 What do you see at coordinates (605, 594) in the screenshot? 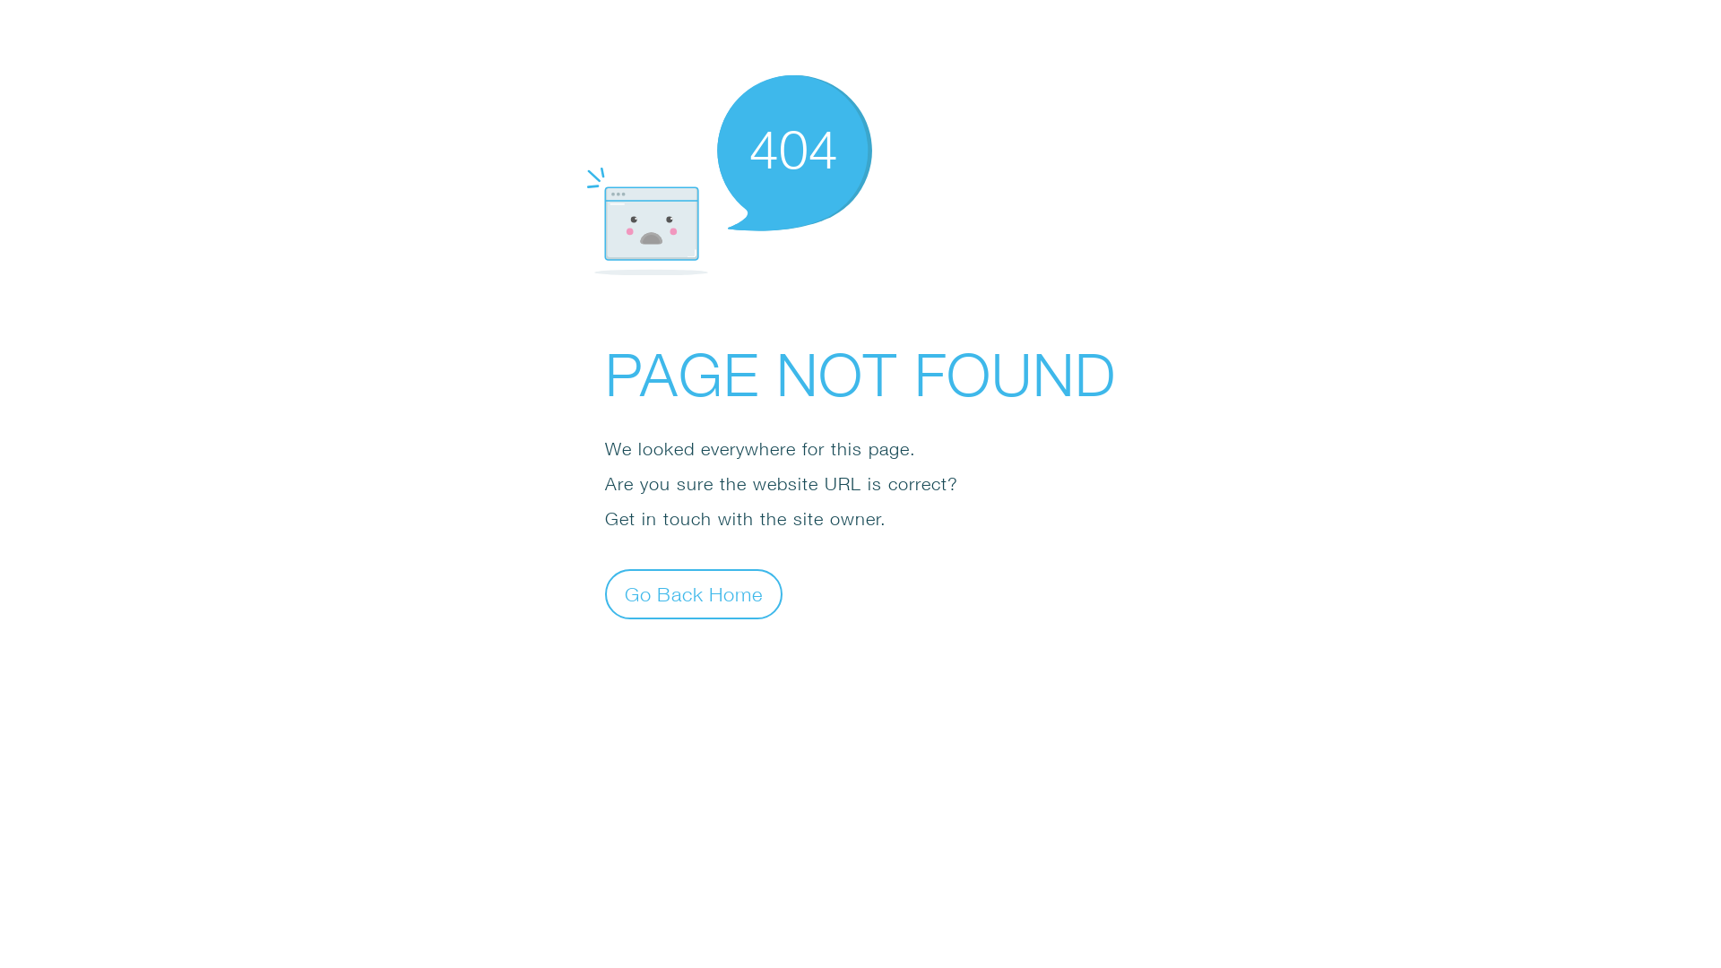
I see `'Go Back Home'` at bounding box center [605, 594].